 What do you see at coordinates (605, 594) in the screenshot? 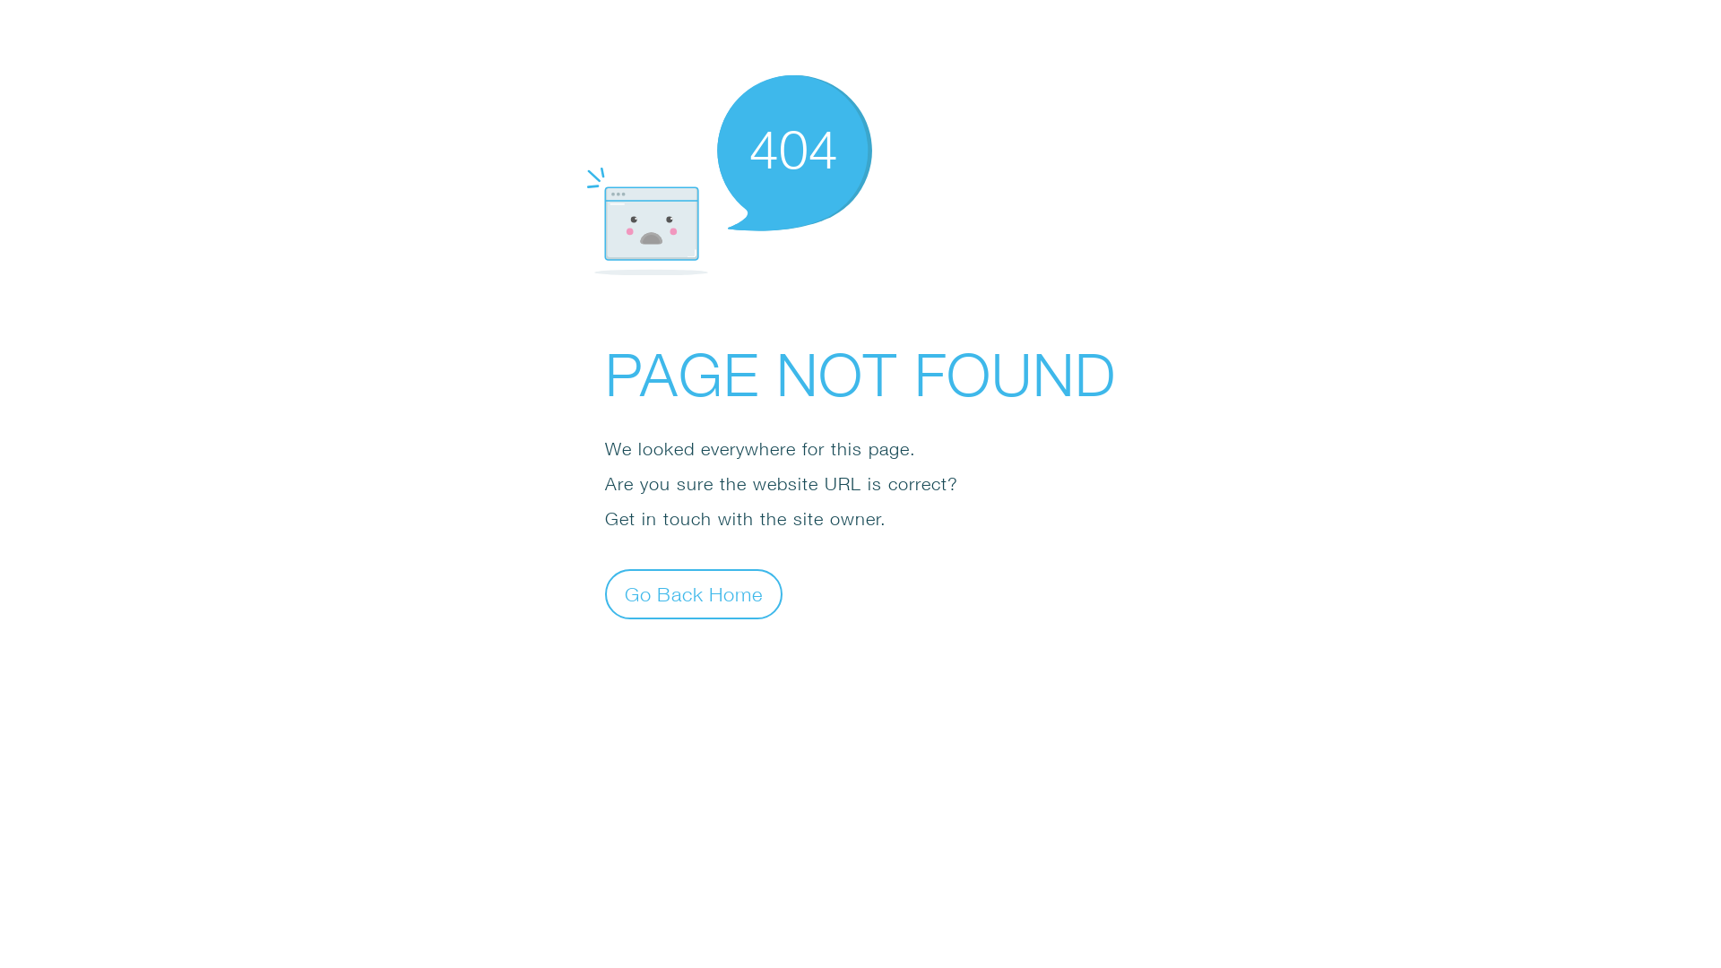
I see `'Go Back Home'` at bounding box center [605, 594].